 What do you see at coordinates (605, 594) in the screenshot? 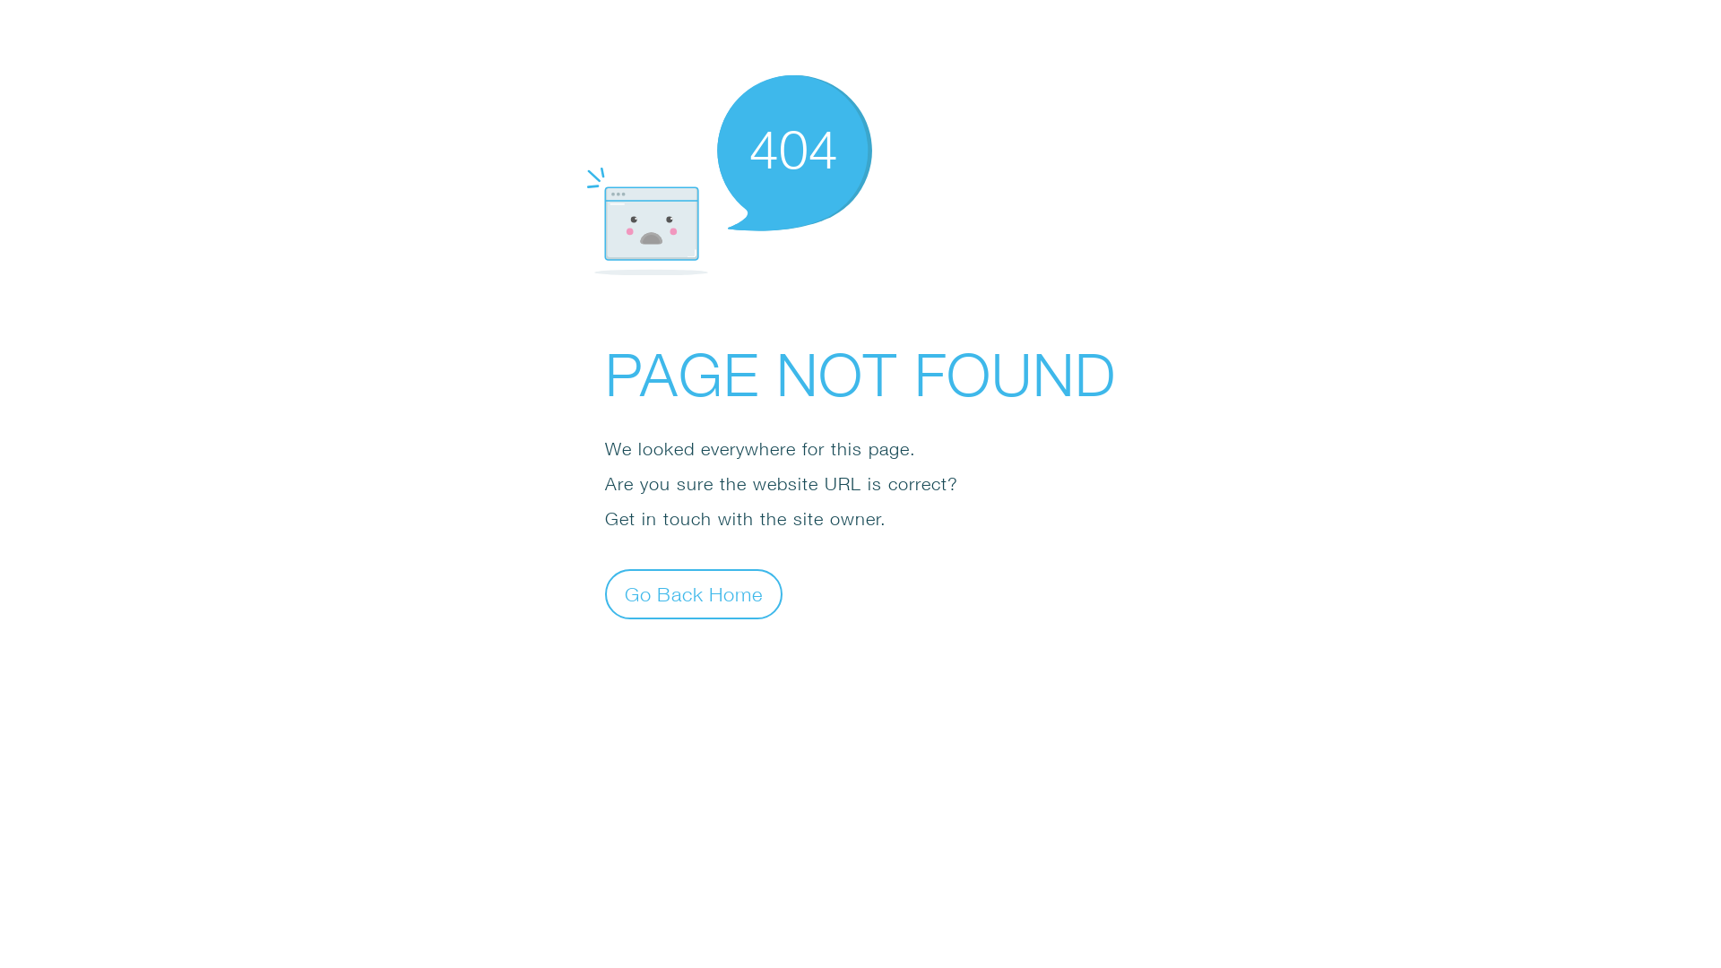
I see `'Go Back Home'` at bounding box center [605, 594].